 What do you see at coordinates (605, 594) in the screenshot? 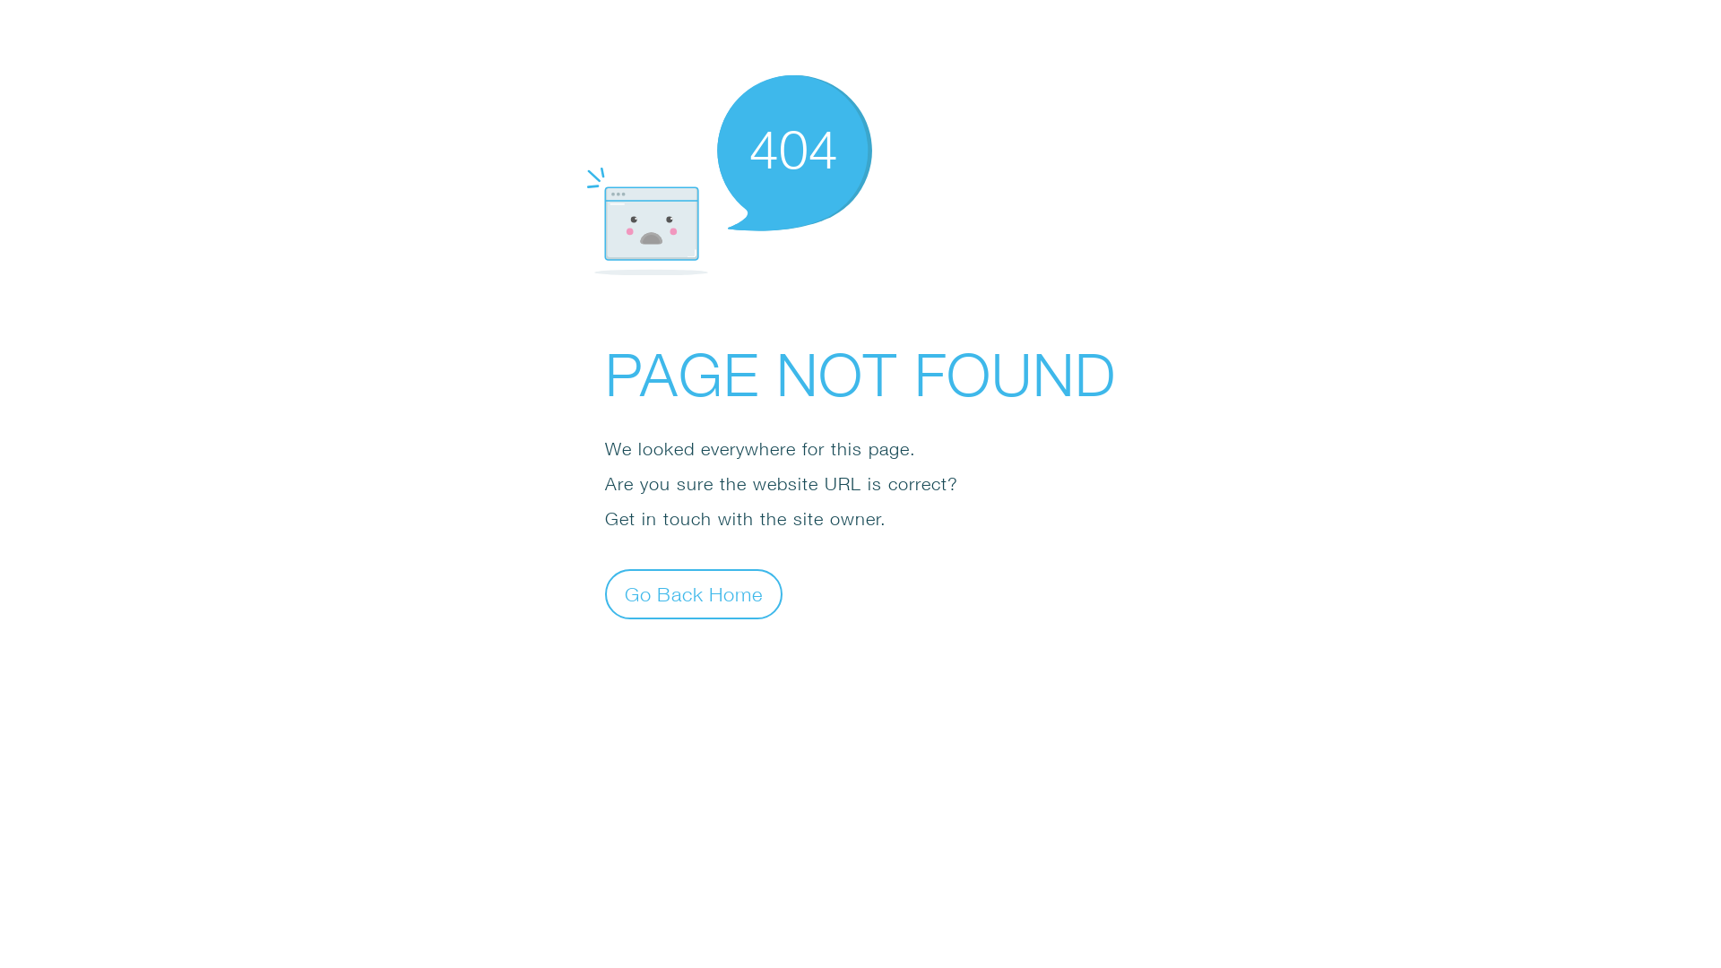
I see `'Go Back Home'` at bounding box center [605, 594].